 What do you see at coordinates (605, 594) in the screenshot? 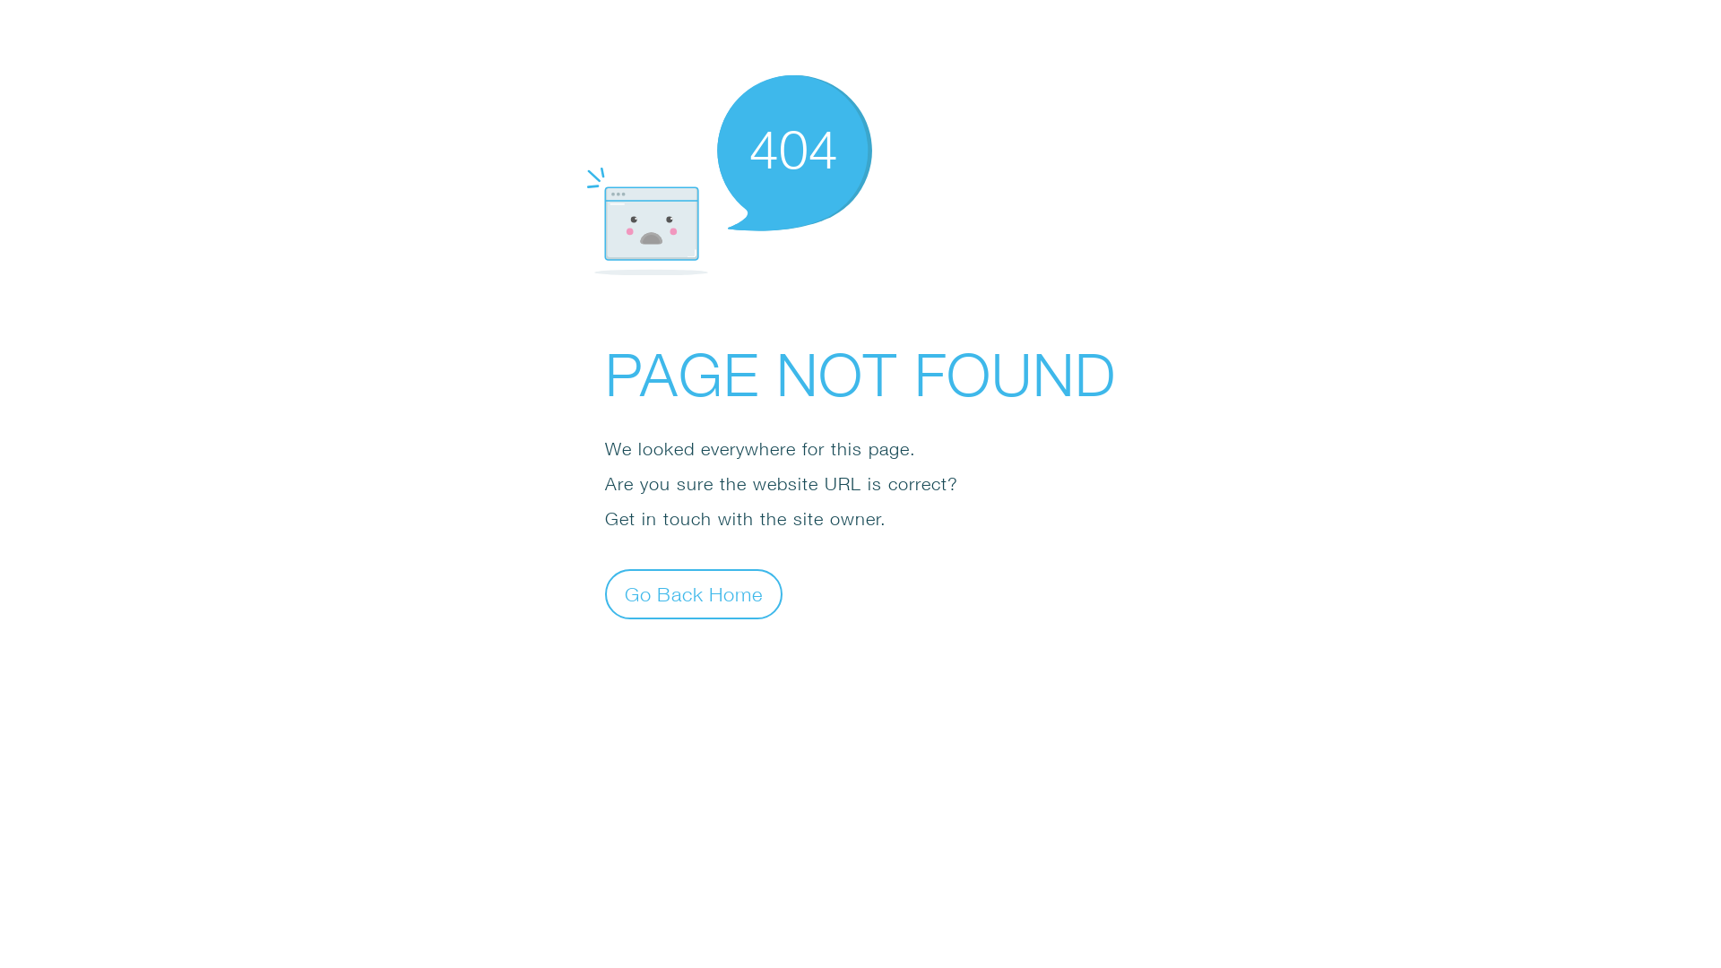
I see `'Go Back Home'` at bounding box center [605, 594].